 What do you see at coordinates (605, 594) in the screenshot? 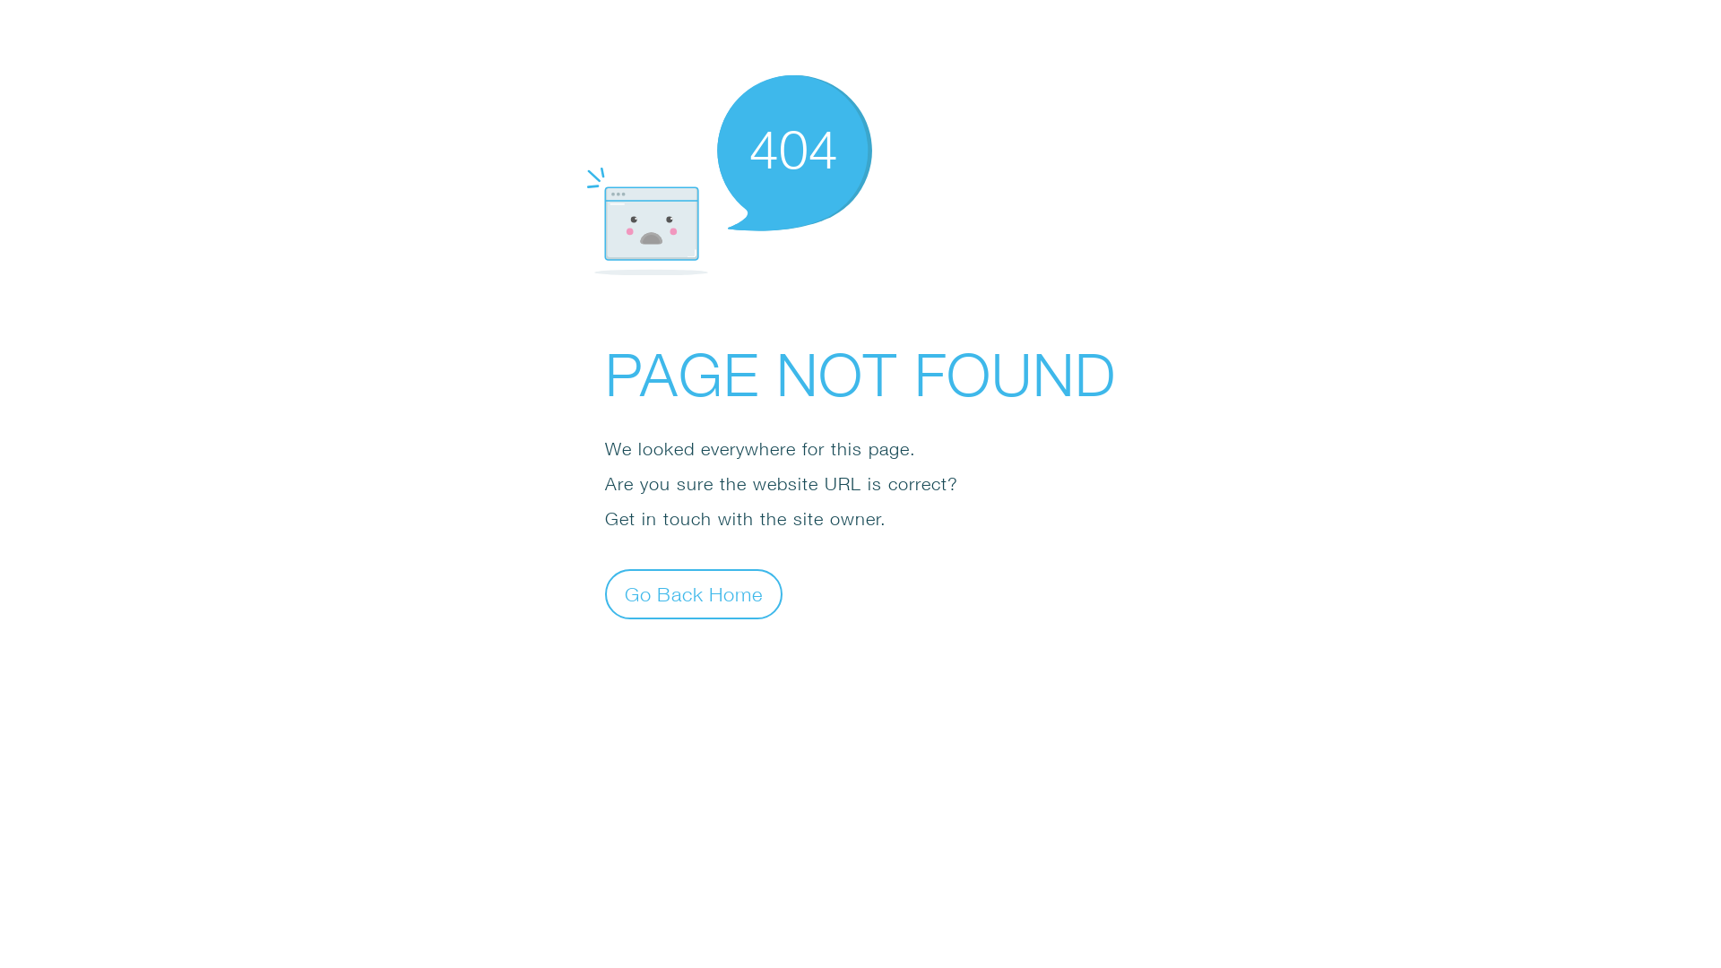
I see `'Go Back Home'` at bounding box center [605, 594].